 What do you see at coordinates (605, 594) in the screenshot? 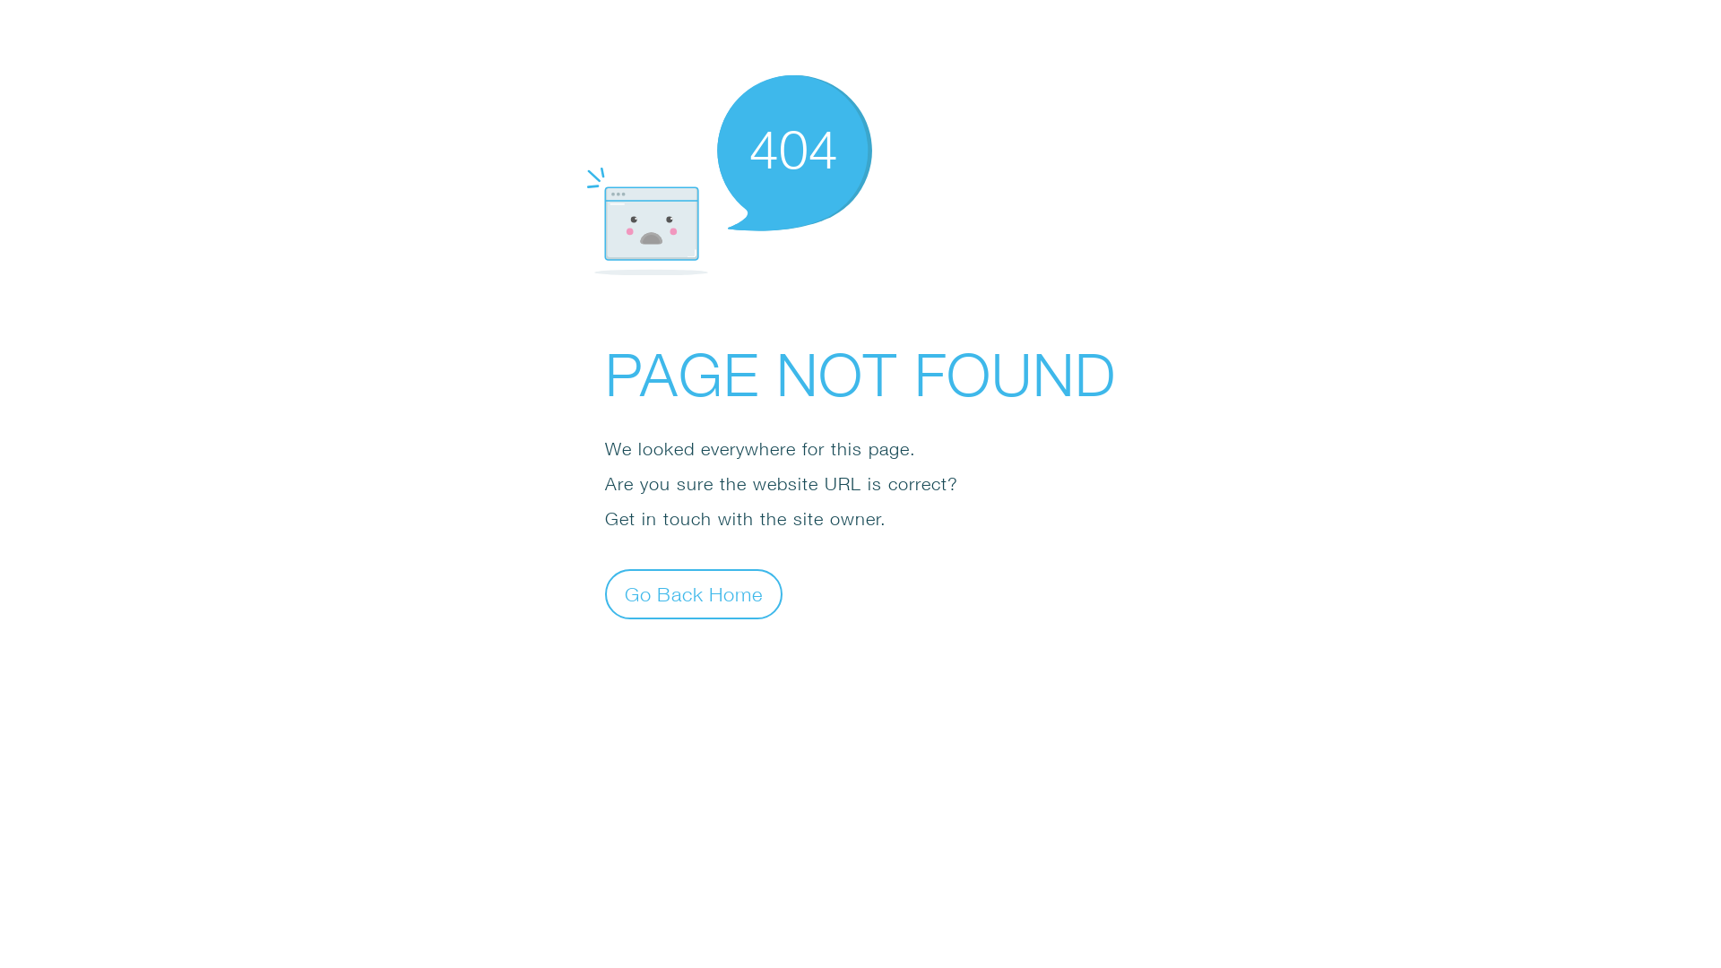
I see `'Go Back Home'` at bounding box center [605, 594].